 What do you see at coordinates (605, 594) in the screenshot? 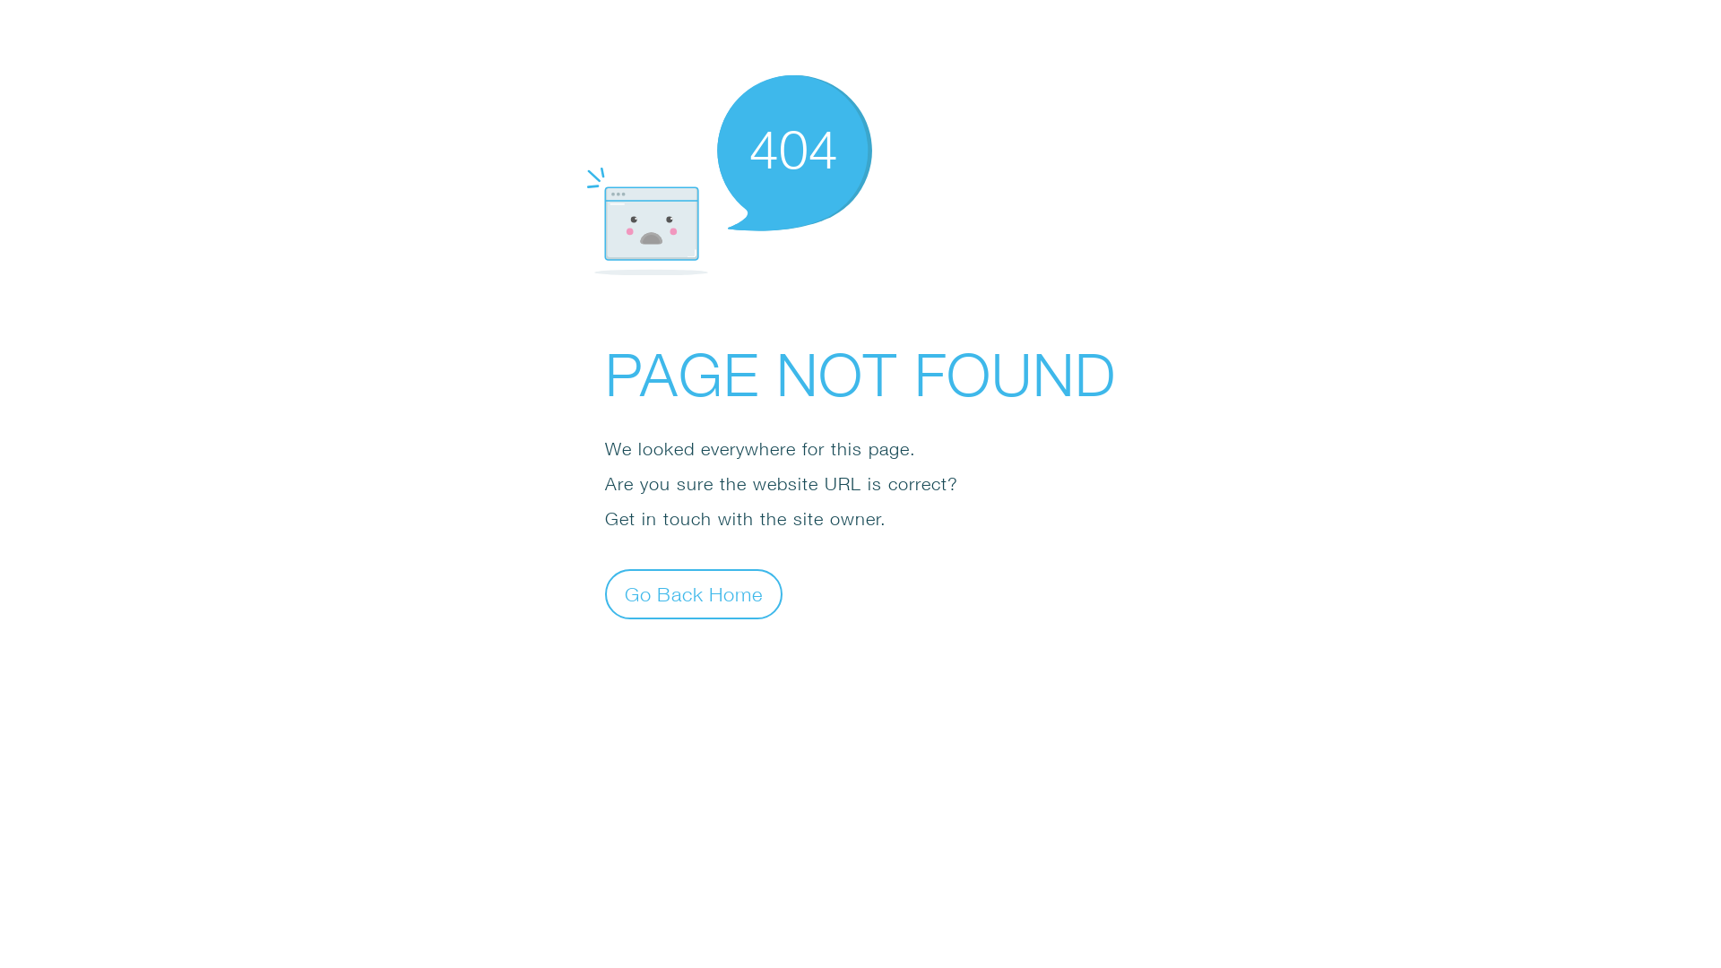
I see `'Go Back Home'` at bounding box center [605, 594].